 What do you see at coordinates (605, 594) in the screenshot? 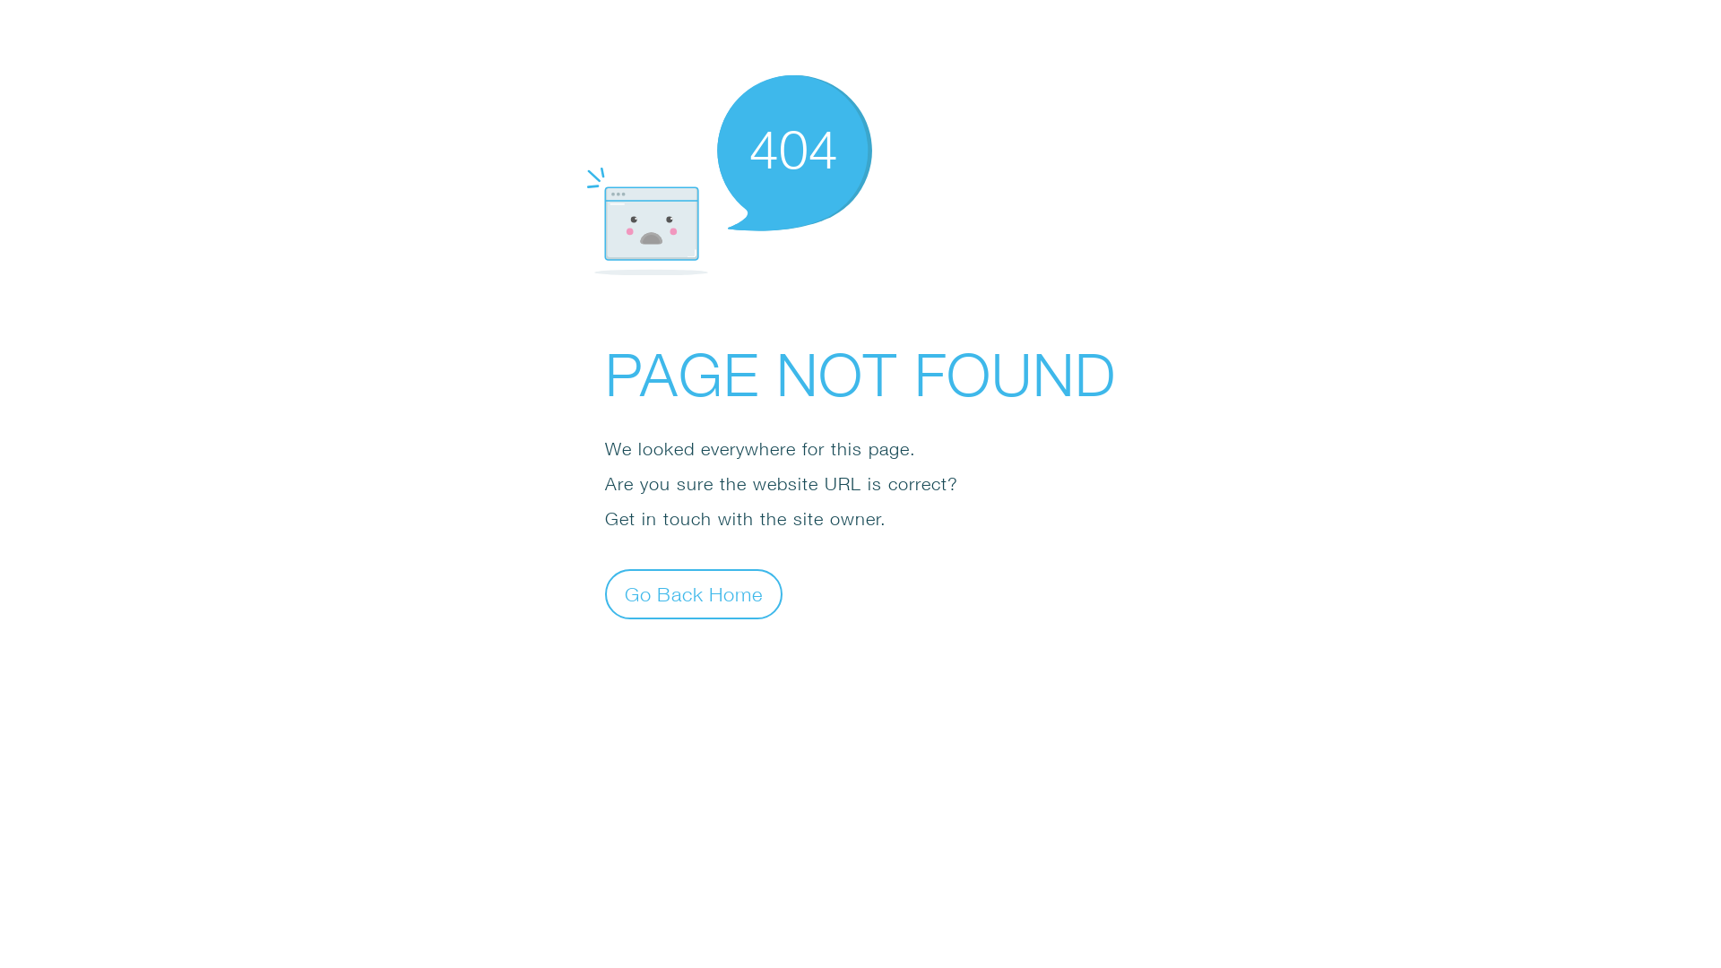
I see `'Go Back Home'` at bounding box center [605, 594].